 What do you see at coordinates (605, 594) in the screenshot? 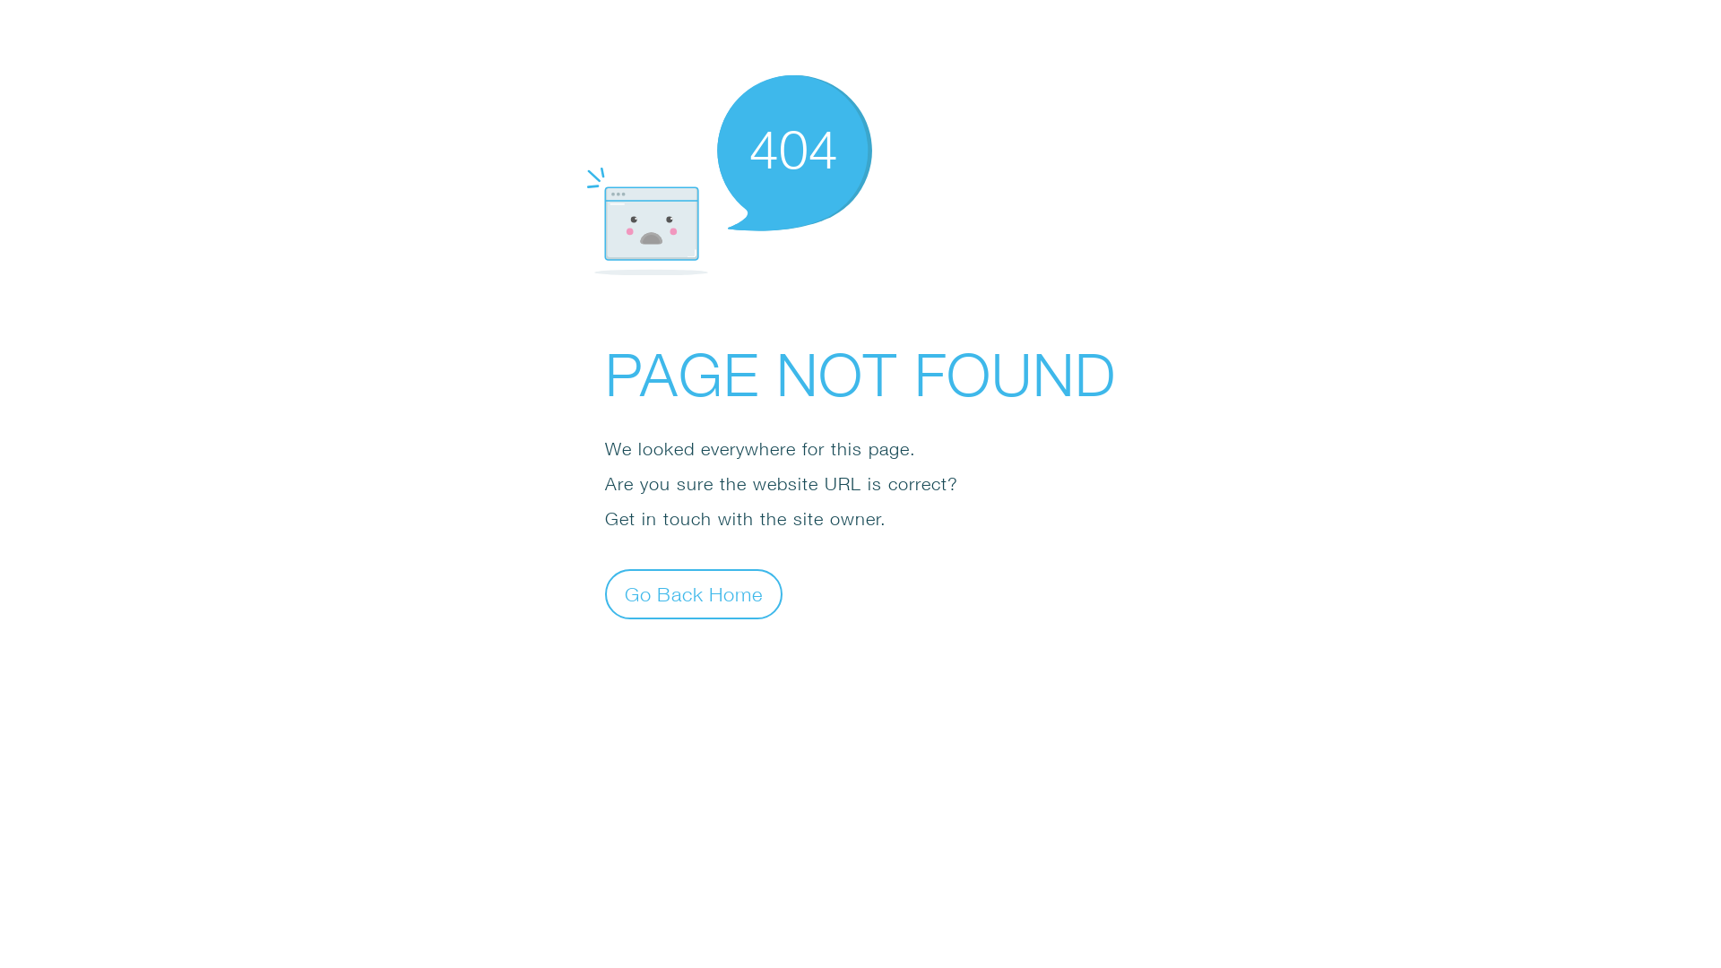
I see `'Go Back Home'` at bounding box center [605, 594].